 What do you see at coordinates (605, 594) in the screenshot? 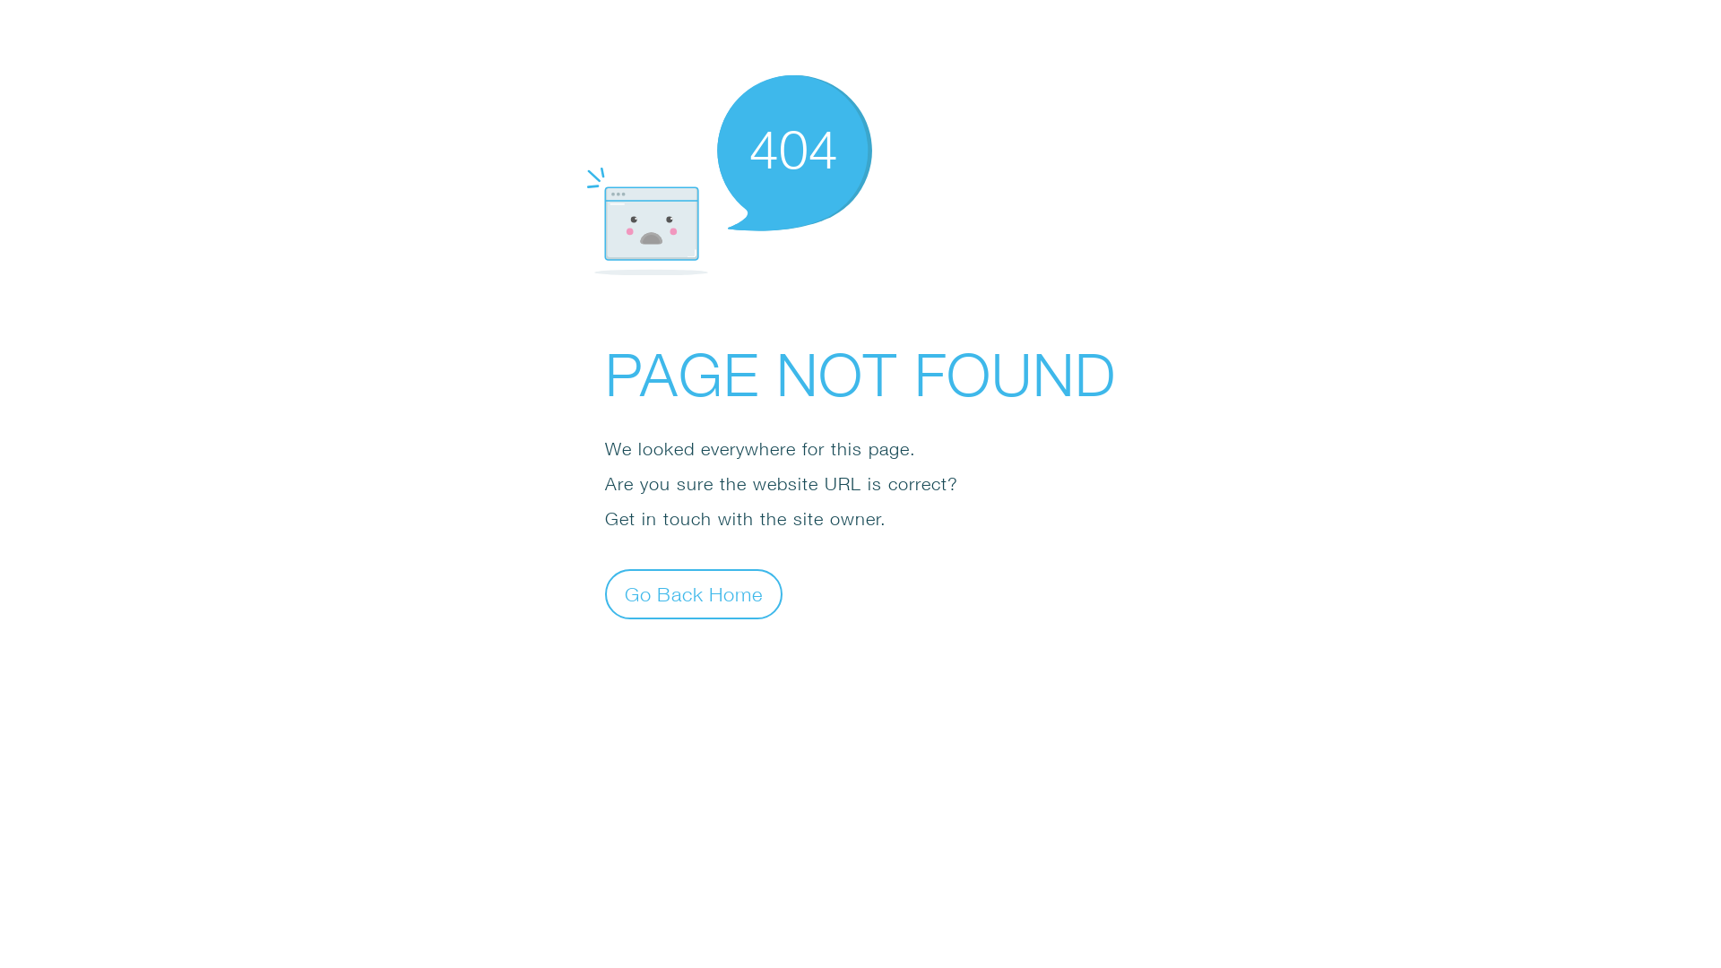
I see `'Go Back Home'` at bounding box center [605, 594].